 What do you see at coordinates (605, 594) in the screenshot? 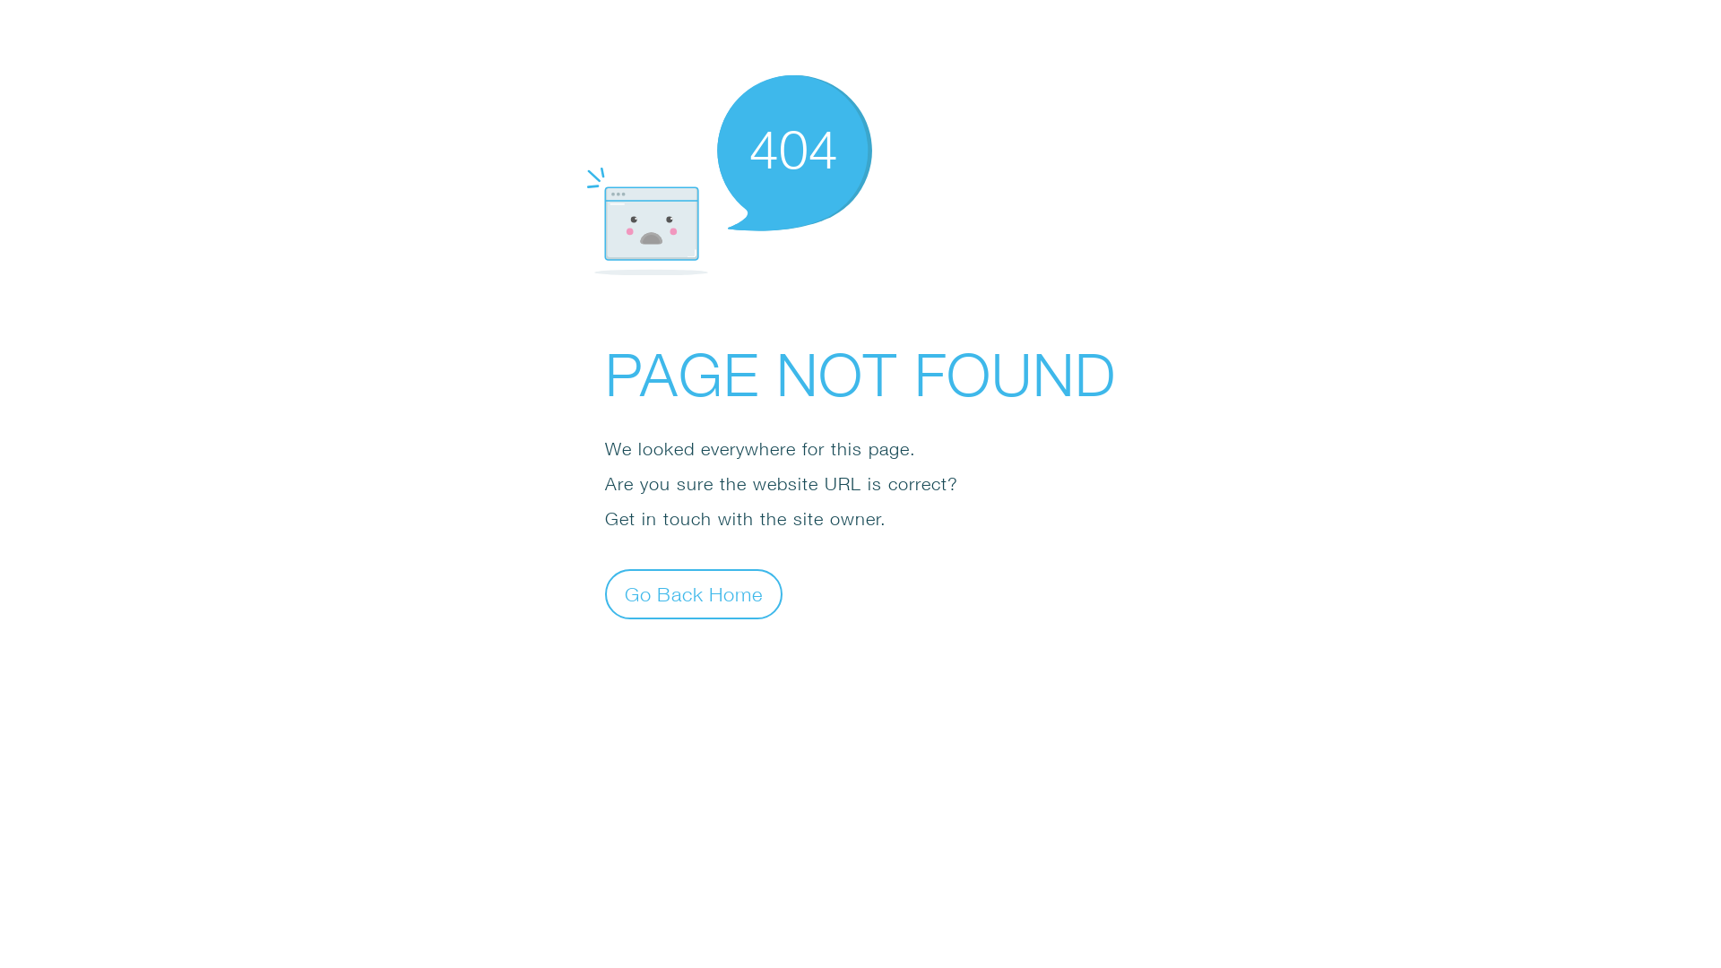
I see `'Go Back Home'` at bounding box center [605, 594].